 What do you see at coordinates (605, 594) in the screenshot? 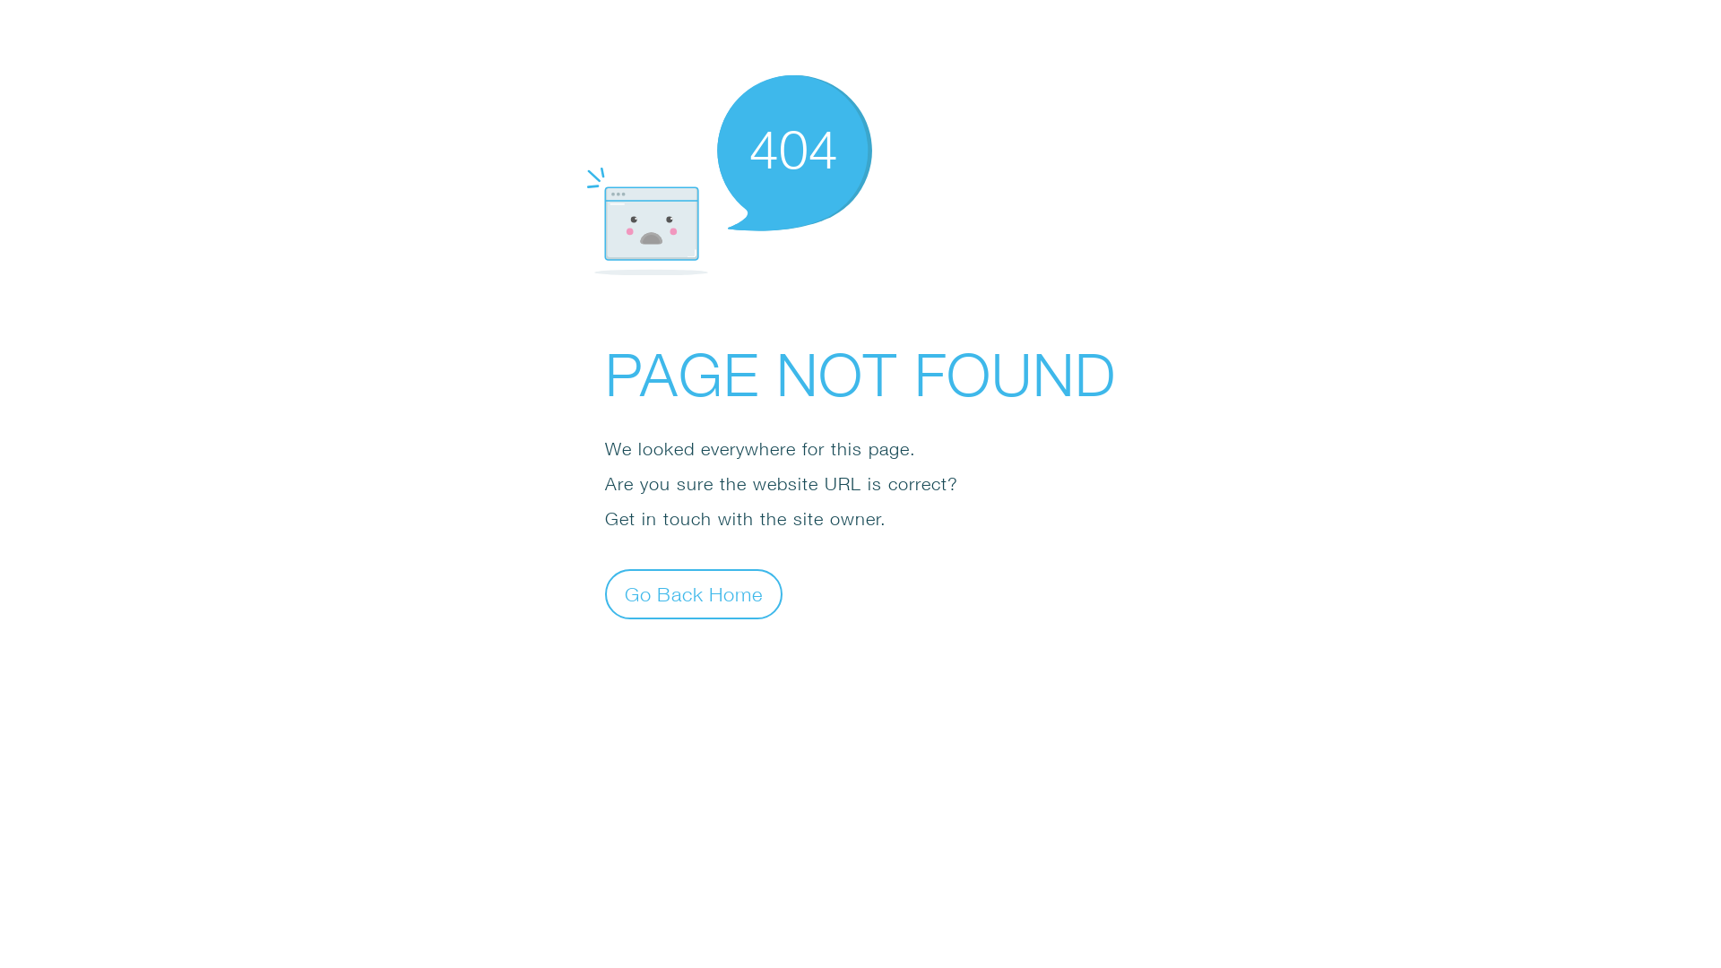
I see `'Go Back Home'` at bounding box center [605, 594].